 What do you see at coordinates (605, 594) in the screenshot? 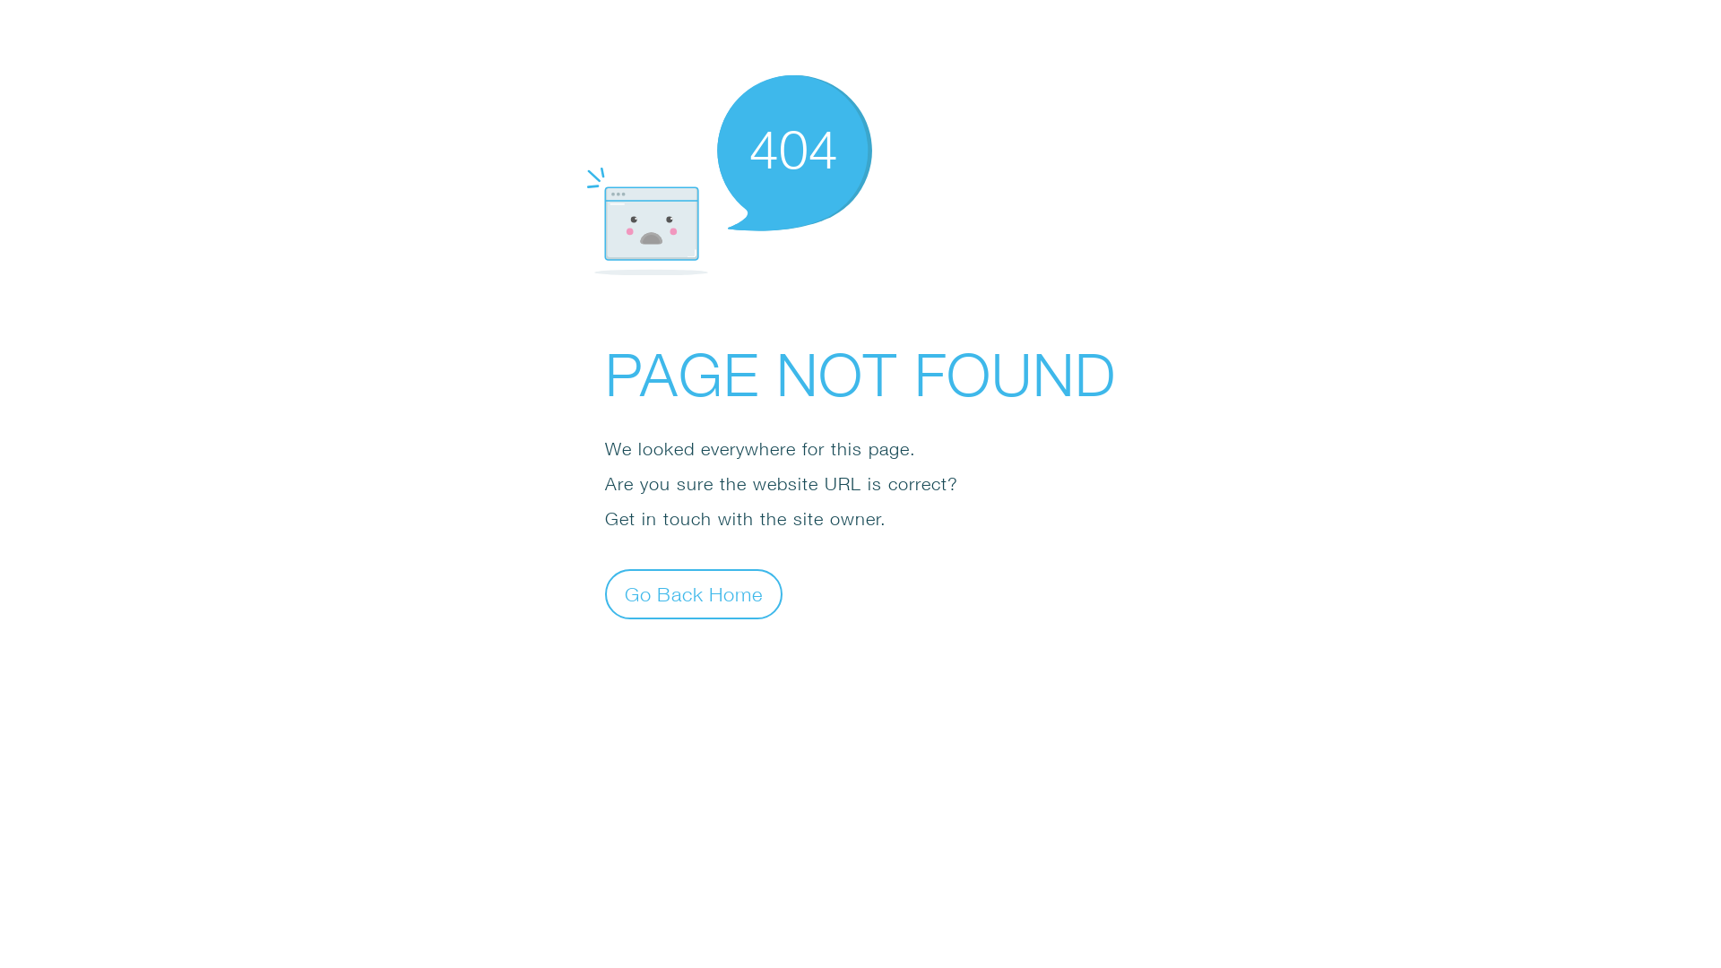
I see `'Go Back Home'` at bounding box center [605, 594].